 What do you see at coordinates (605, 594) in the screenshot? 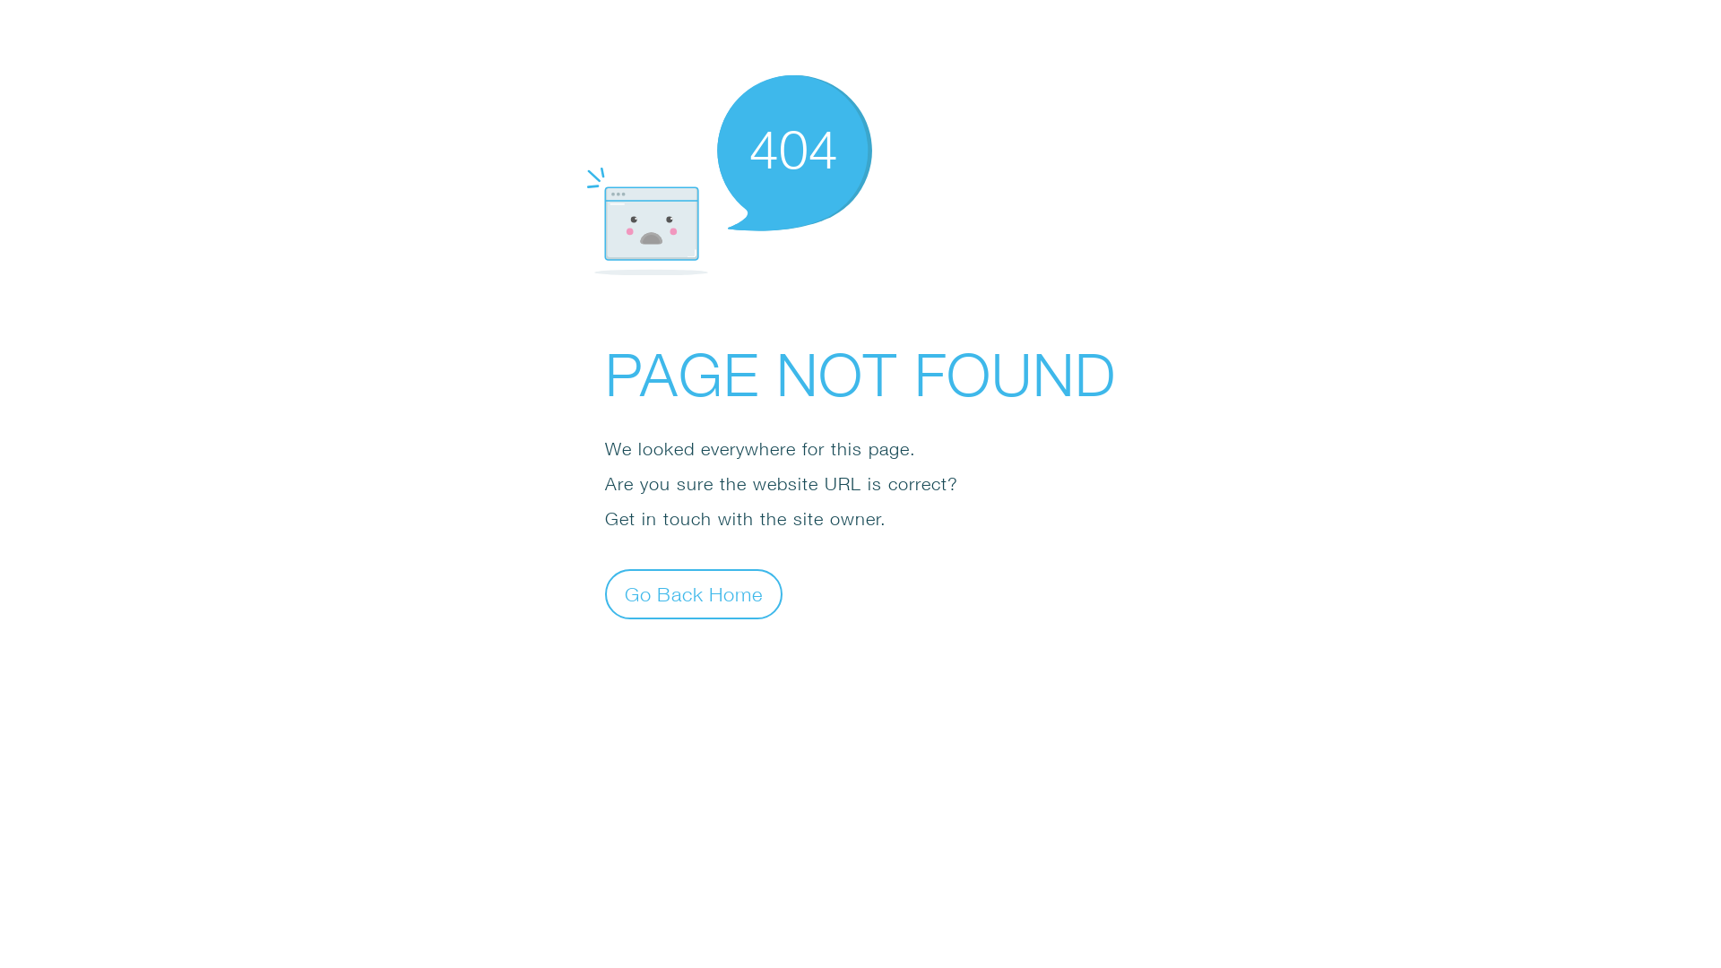
I see `'Go Back Home'` at bounding box center [605, 594].